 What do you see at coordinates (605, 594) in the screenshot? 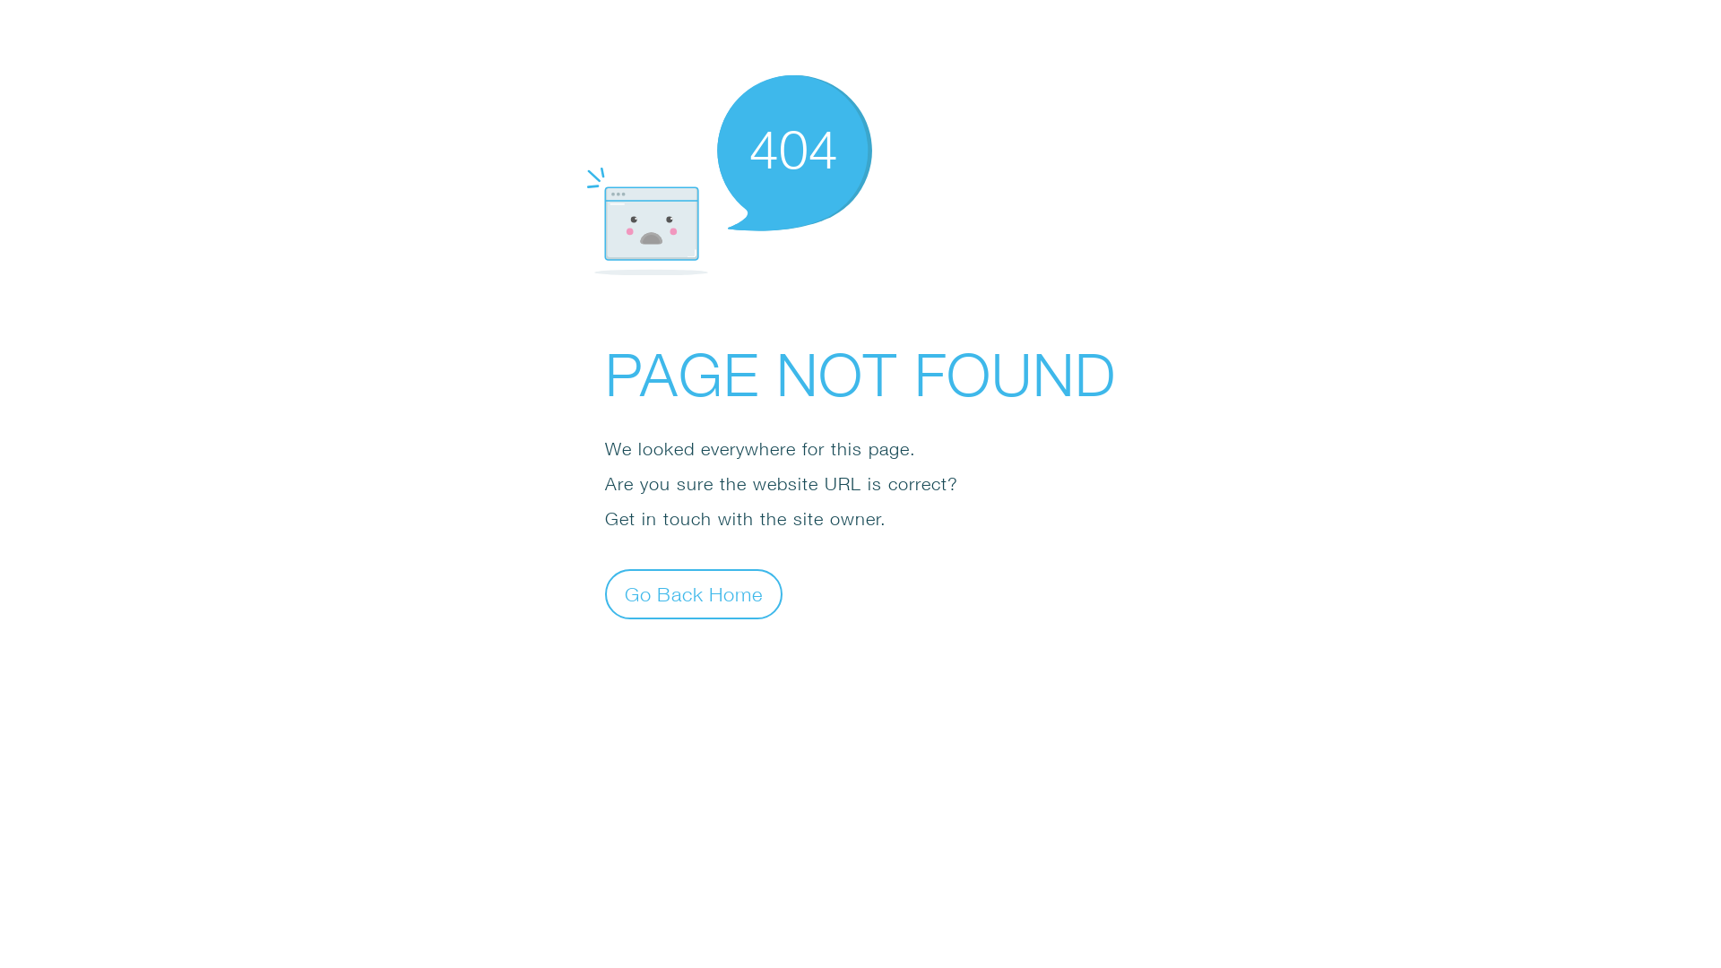
I see `'Go Back Home'` at bounding box center [605, 594].